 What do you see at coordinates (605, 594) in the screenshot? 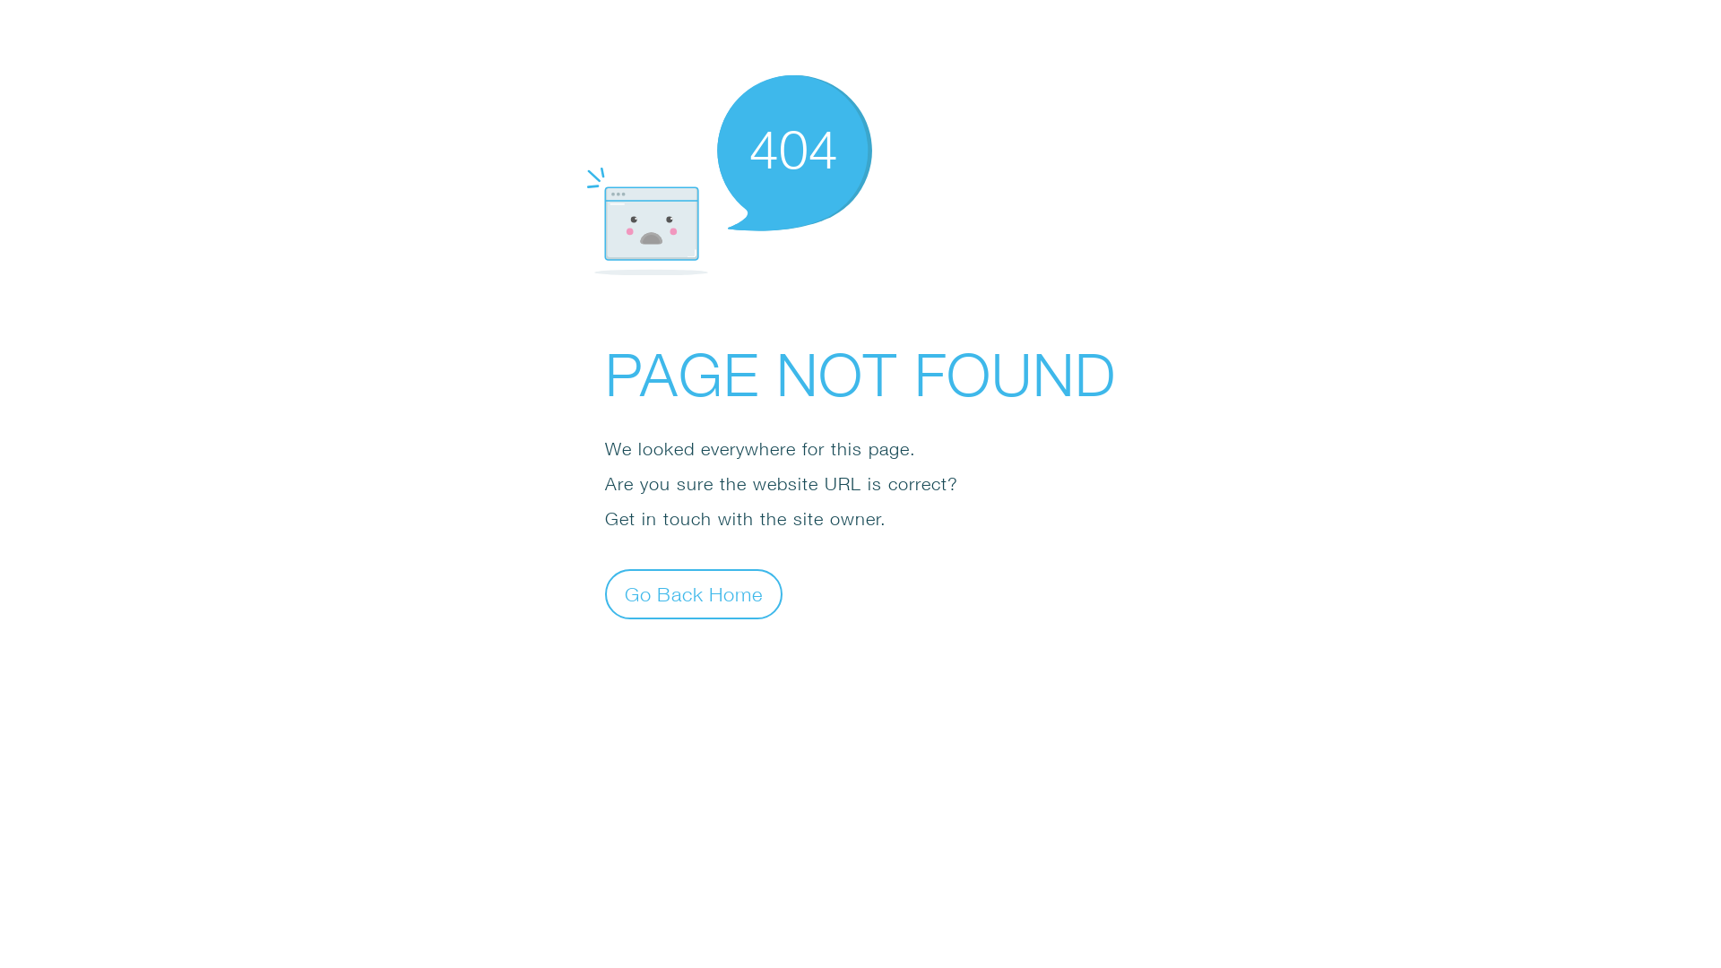
I see `'Go Back Home'` at bounding box center [605, 594].